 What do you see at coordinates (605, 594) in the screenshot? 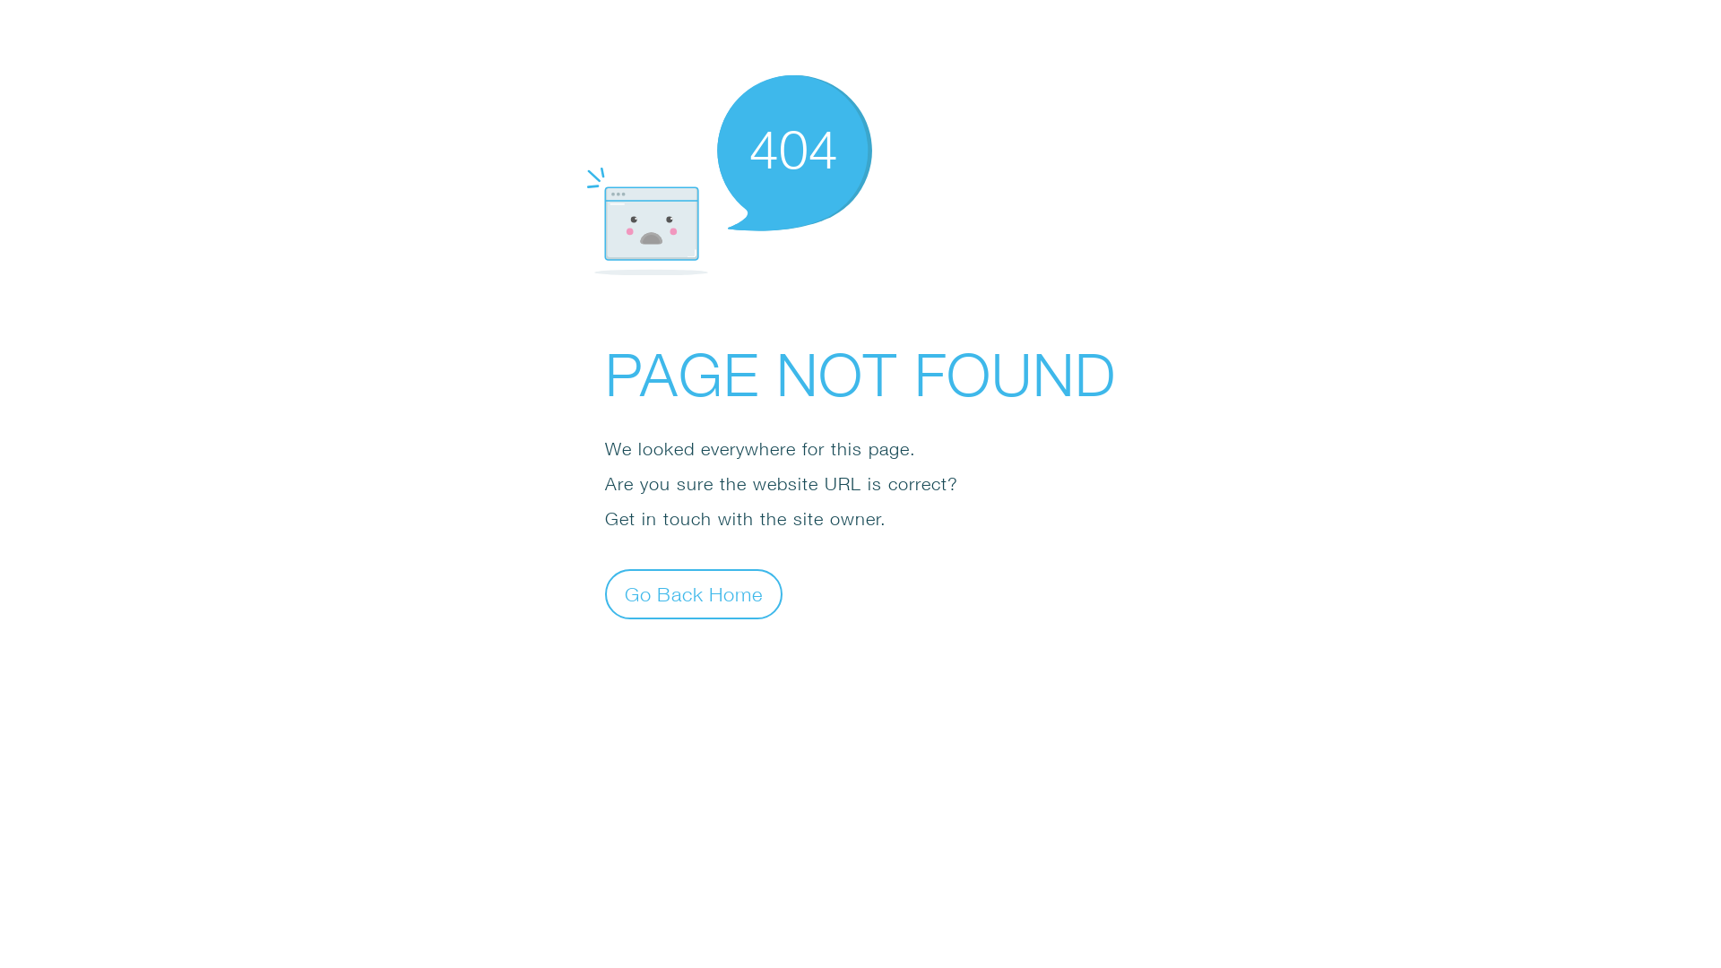
I see `'Go Back Home'` at bounding box center [605, 594].